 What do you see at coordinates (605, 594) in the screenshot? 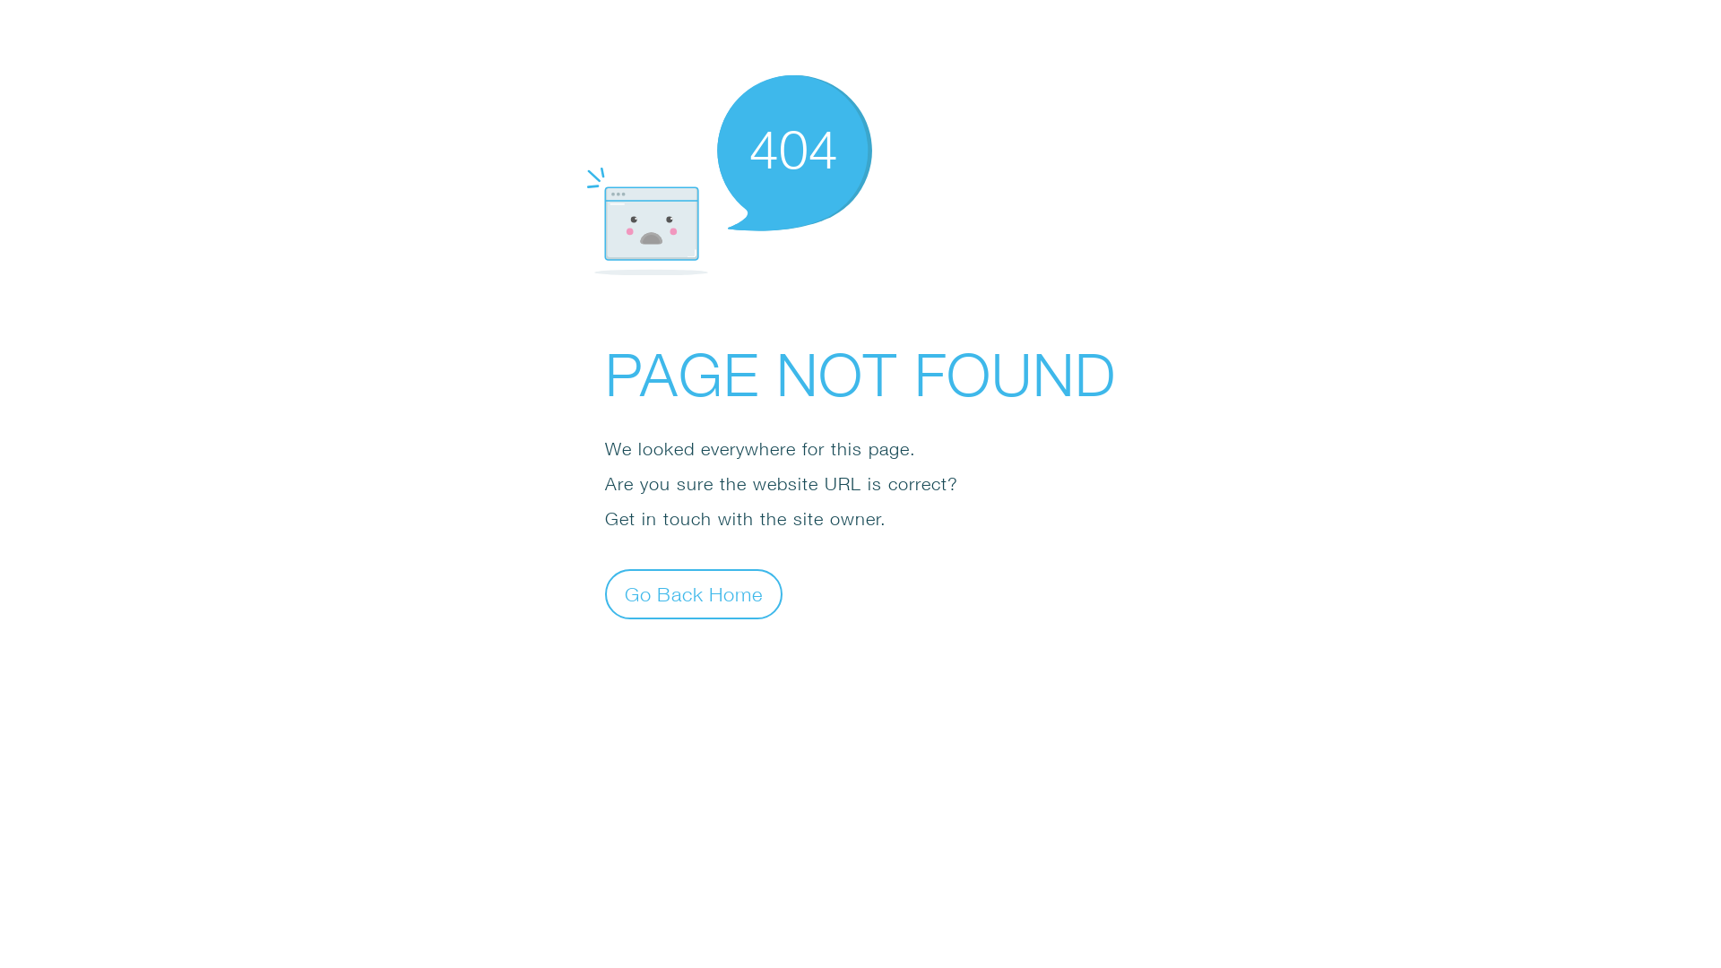
I see `'Go Back Home'` at bounding box center [605, 594].